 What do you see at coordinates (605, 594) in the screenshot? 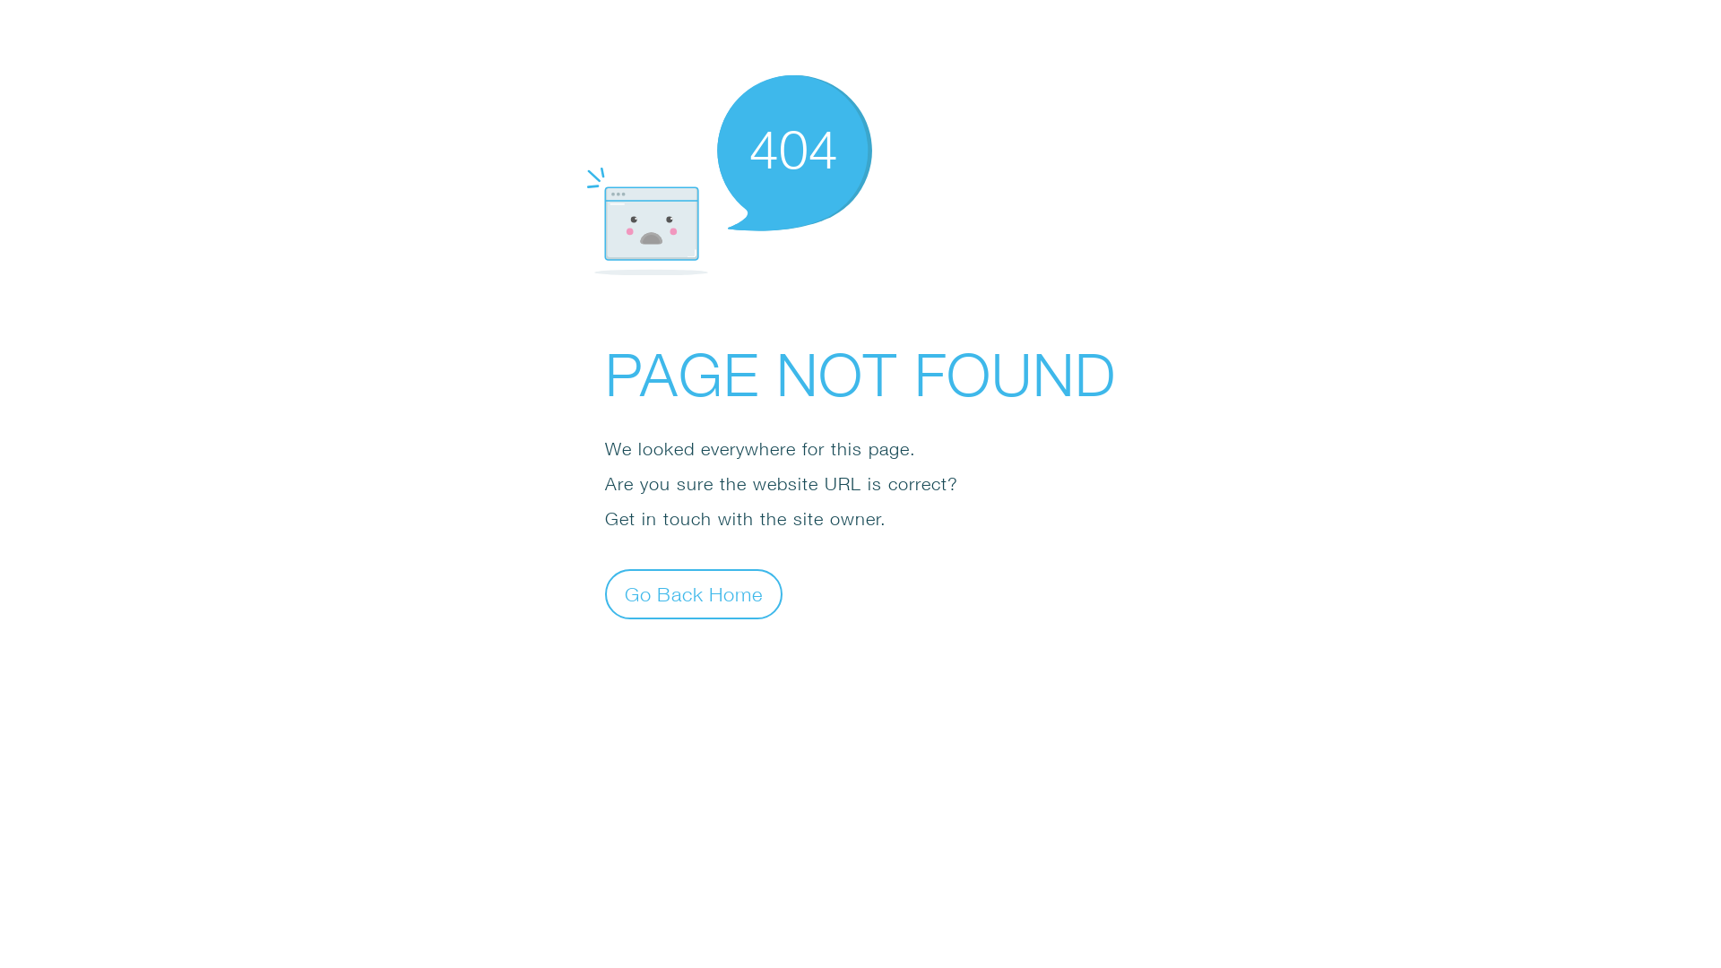
I see `'Go Back Home'` at bounding box center [605, 594].